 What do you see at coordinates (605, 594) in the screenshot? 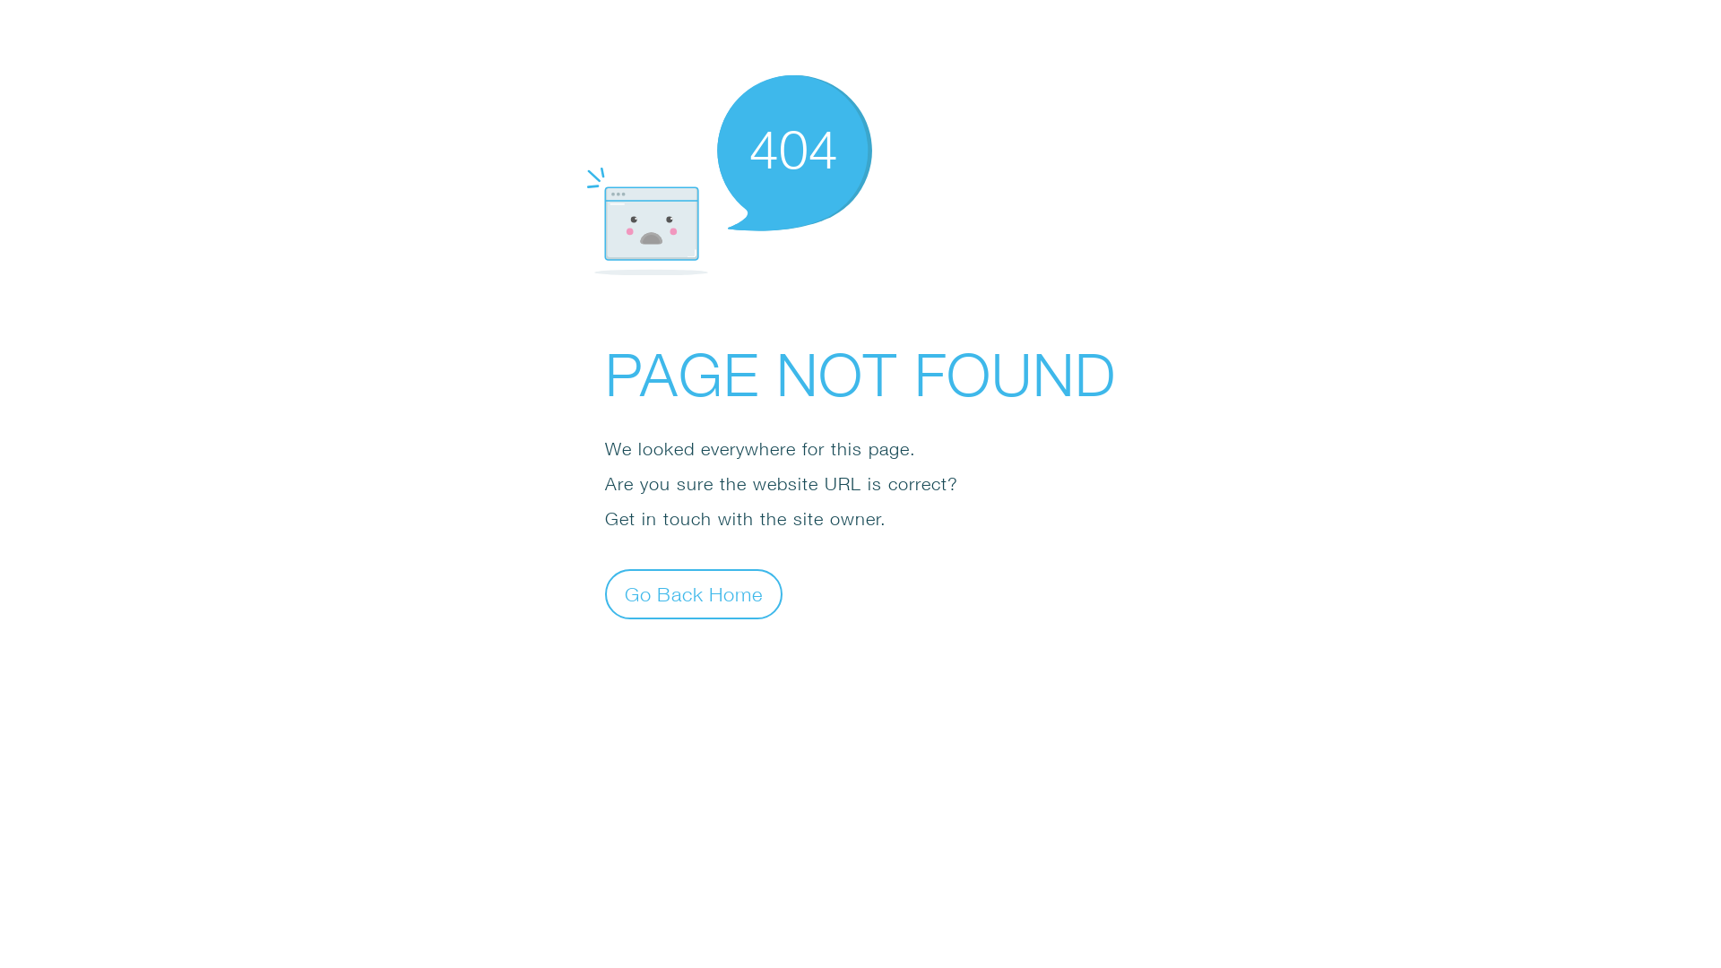
I see `'Go Back Home'` at bounding box center [605, 594].